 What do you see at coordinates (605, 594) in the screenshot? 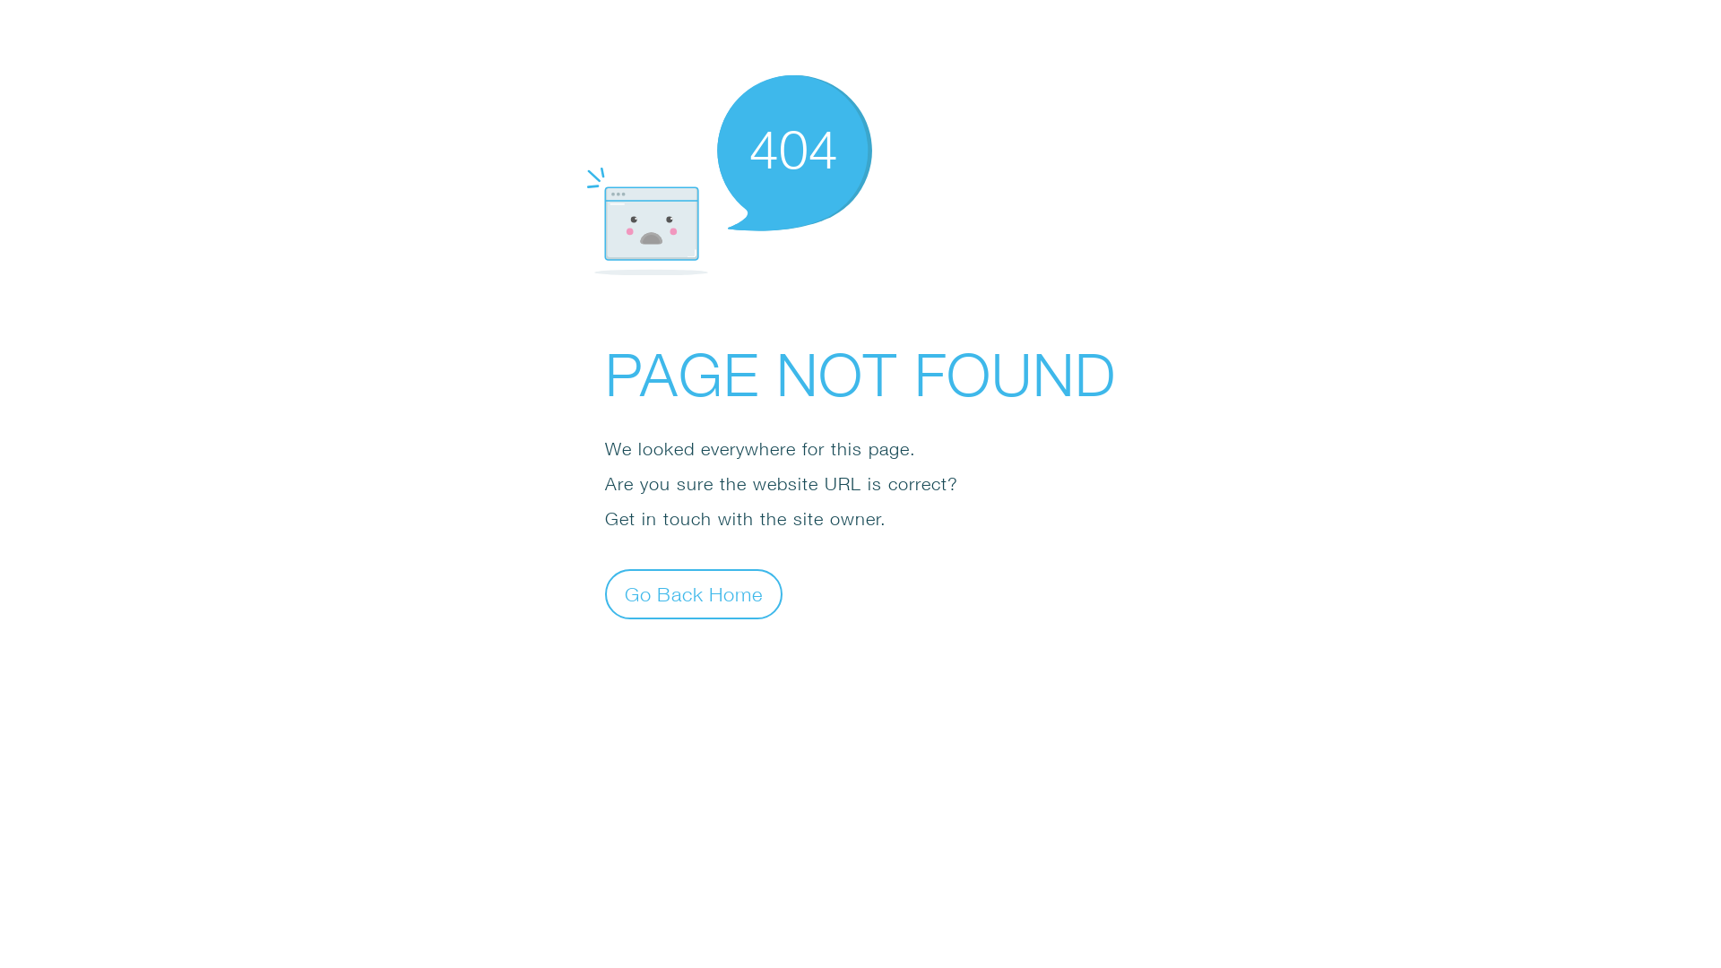
I see `'Go Back Home'` at bounding box center [605, 594].